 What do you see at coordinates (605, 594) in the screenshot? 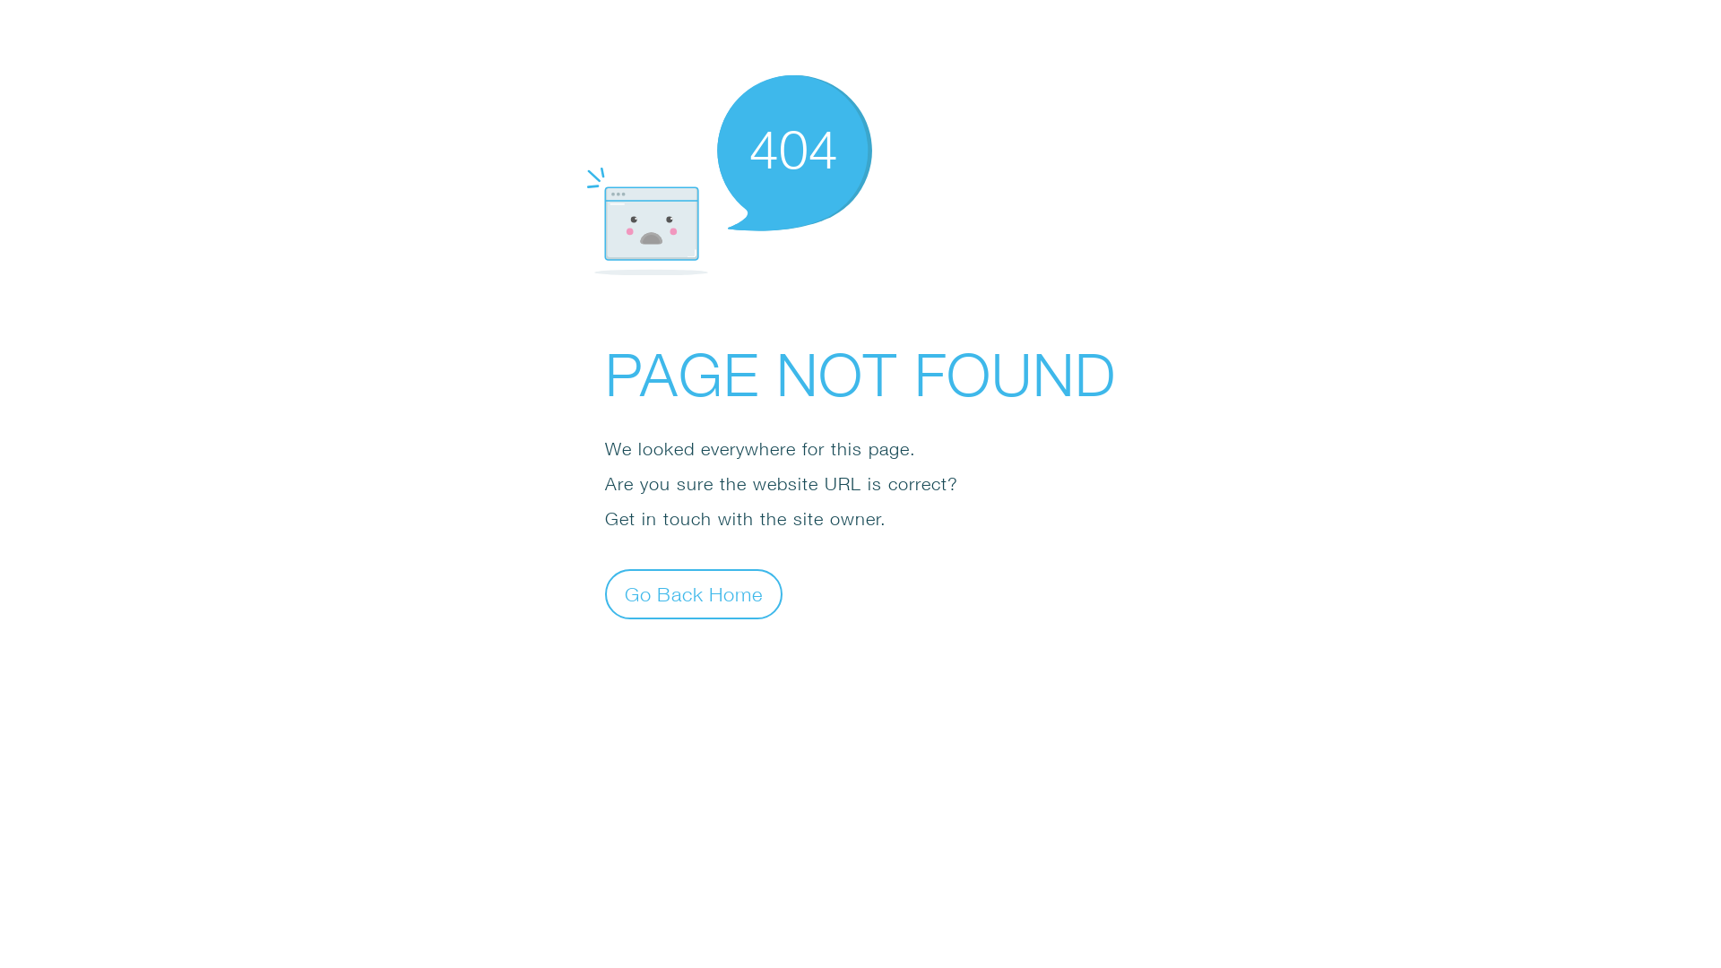
I see `'Go Back Home'` at bounding box center [605, 594].